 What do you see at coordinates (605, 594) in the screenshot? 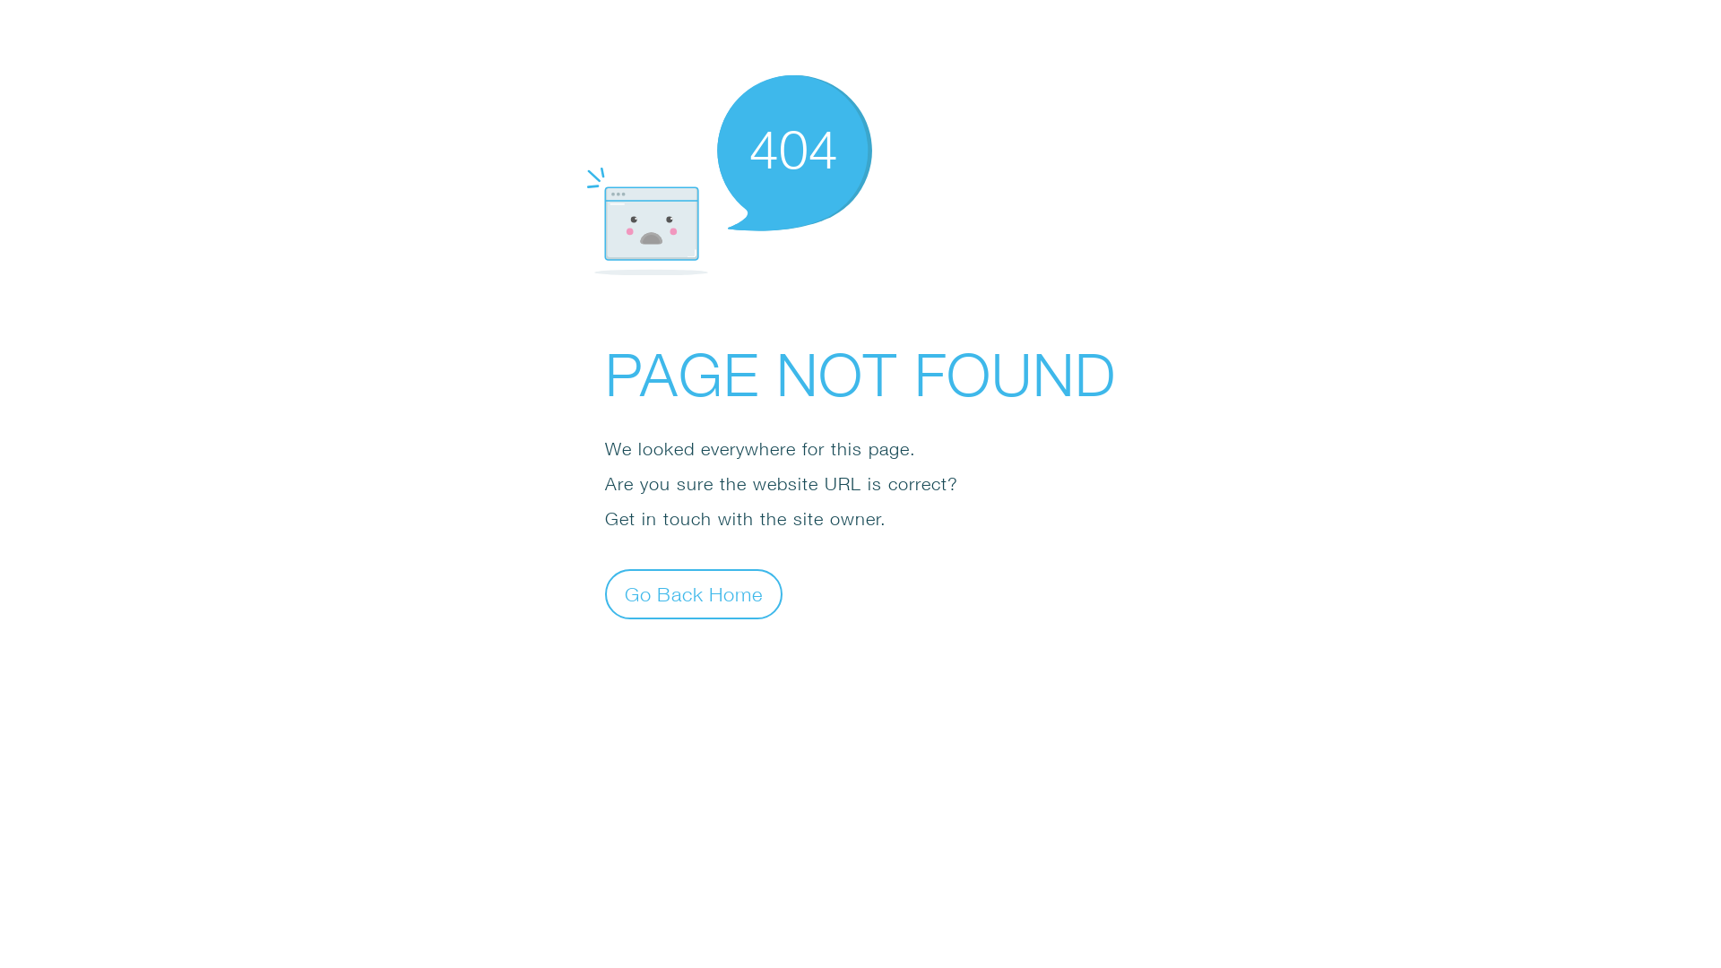
I see `'Go Back Home'` at bounding box center [605, 594].